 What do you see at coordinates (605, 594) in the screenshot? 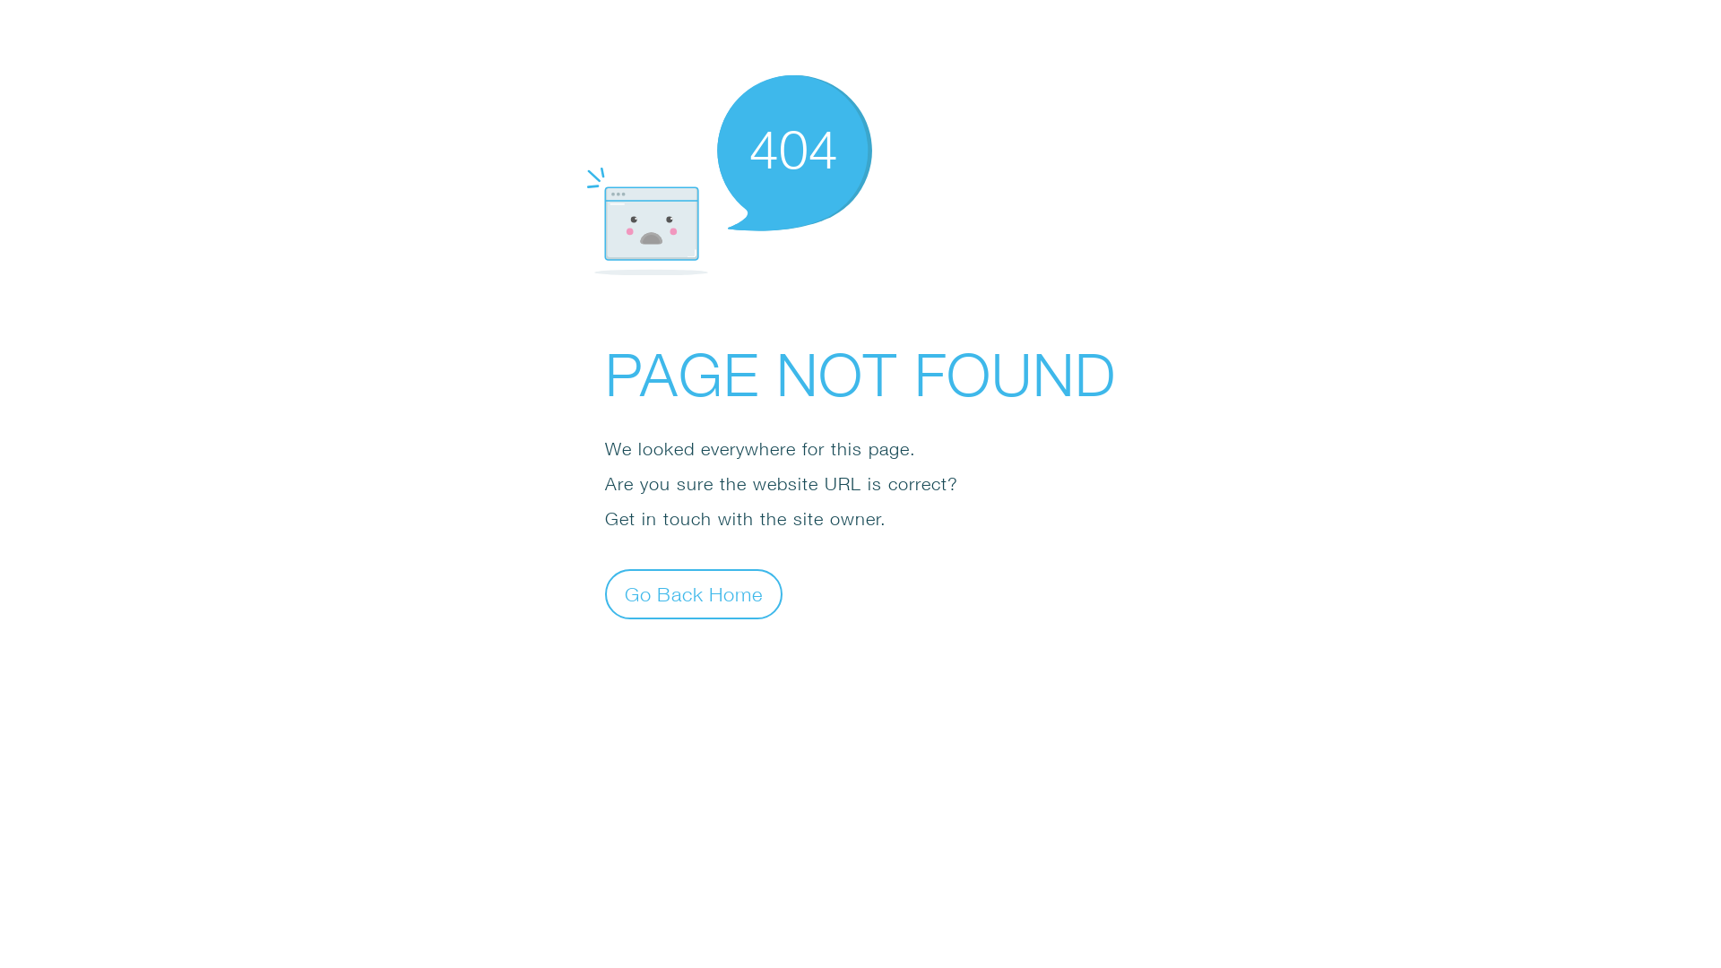
I see `'Go Back Home'` at bounding box center [605, 594].